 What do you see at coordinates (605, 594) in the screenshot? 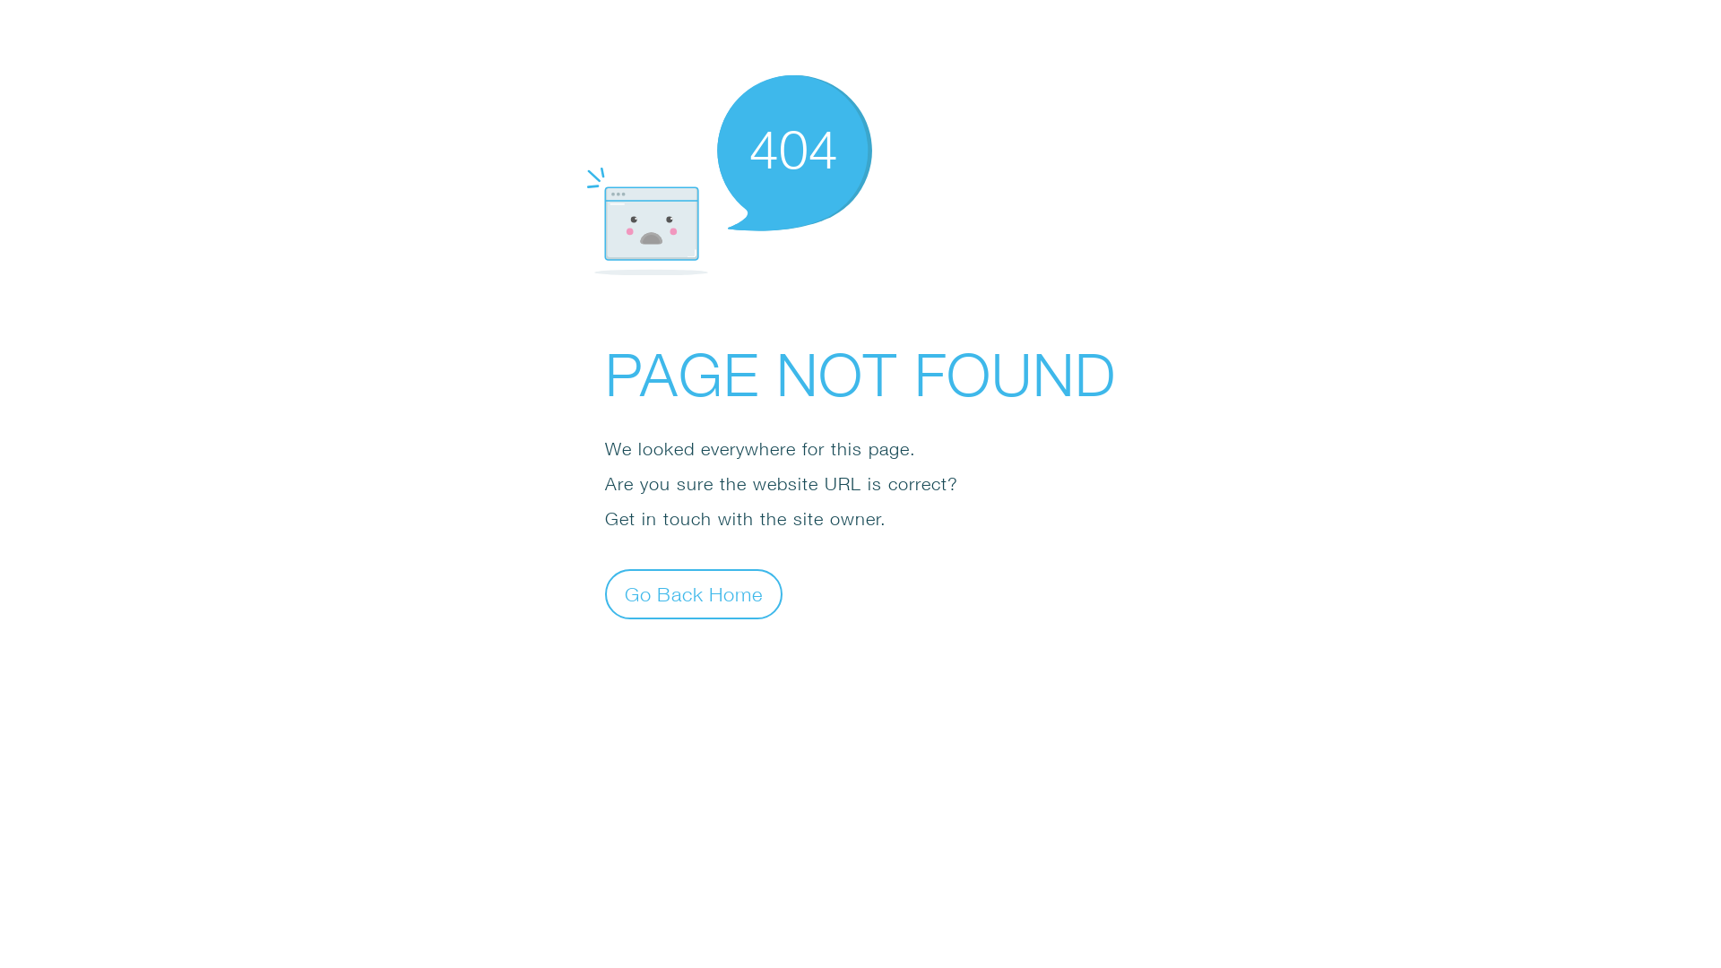
I see `'Go Back Home'` at bounding box center [605, 594].